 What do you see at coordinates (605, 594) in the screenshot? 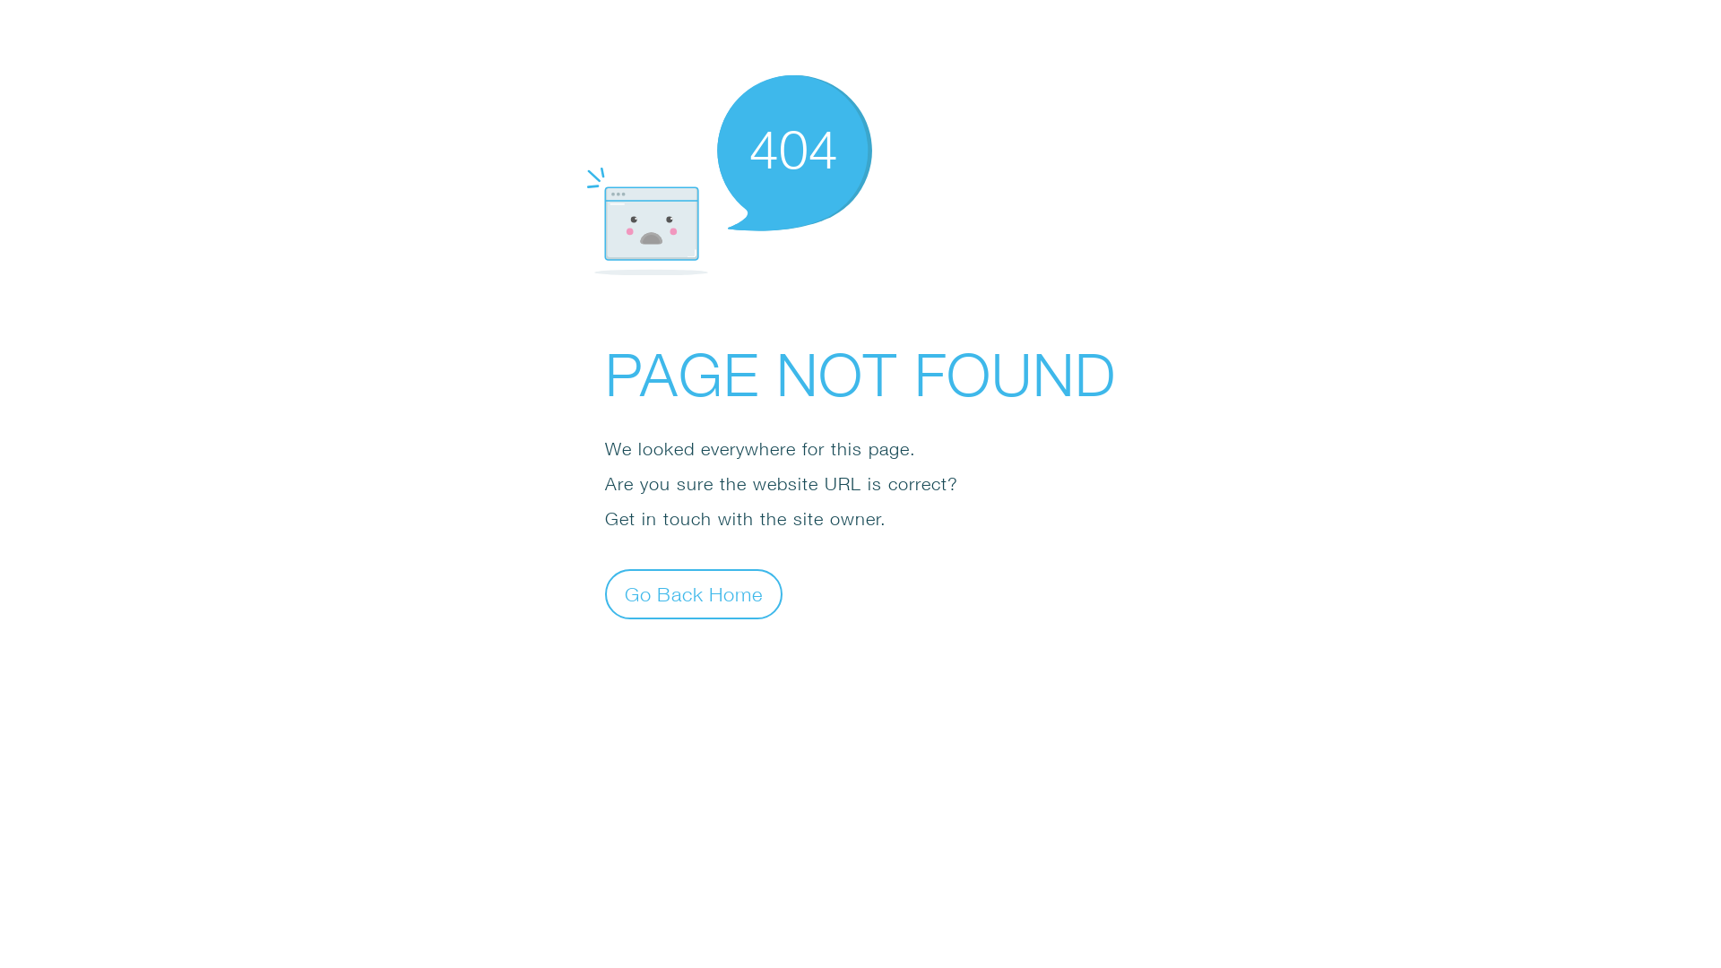
I see `'Go Back Home'` at bounding box center [605, 594].